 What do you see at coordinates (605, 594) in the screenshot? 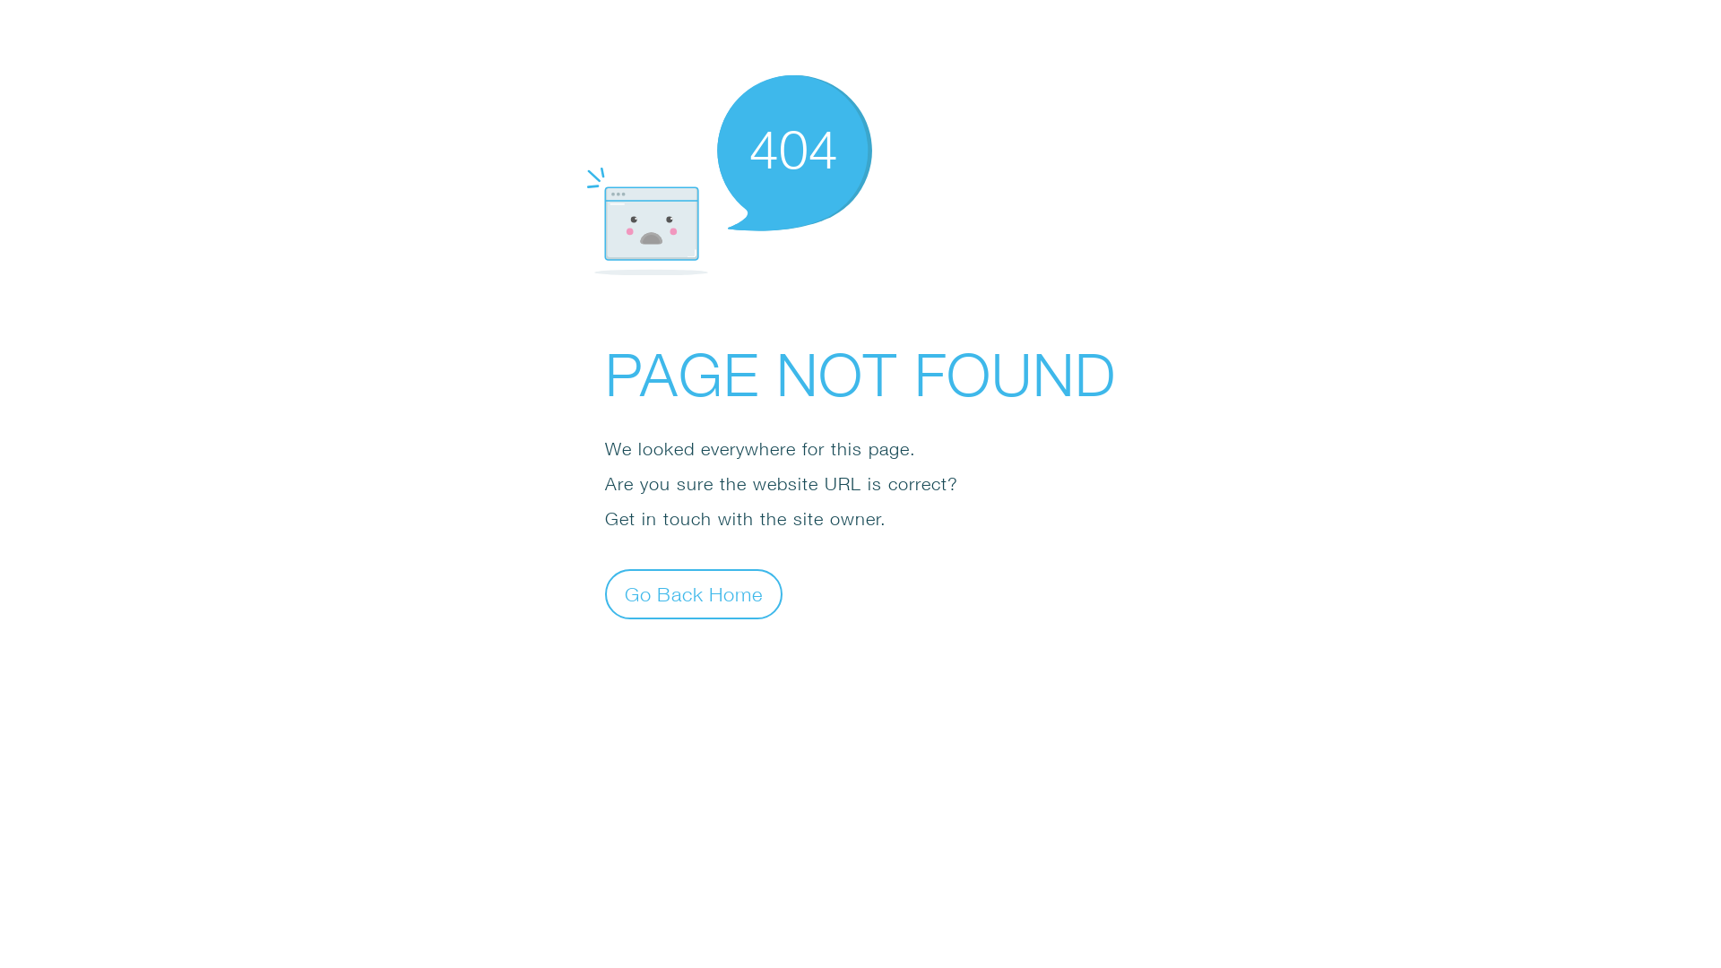
I see `'Go Back Home'` at bounding box center [605, 594].